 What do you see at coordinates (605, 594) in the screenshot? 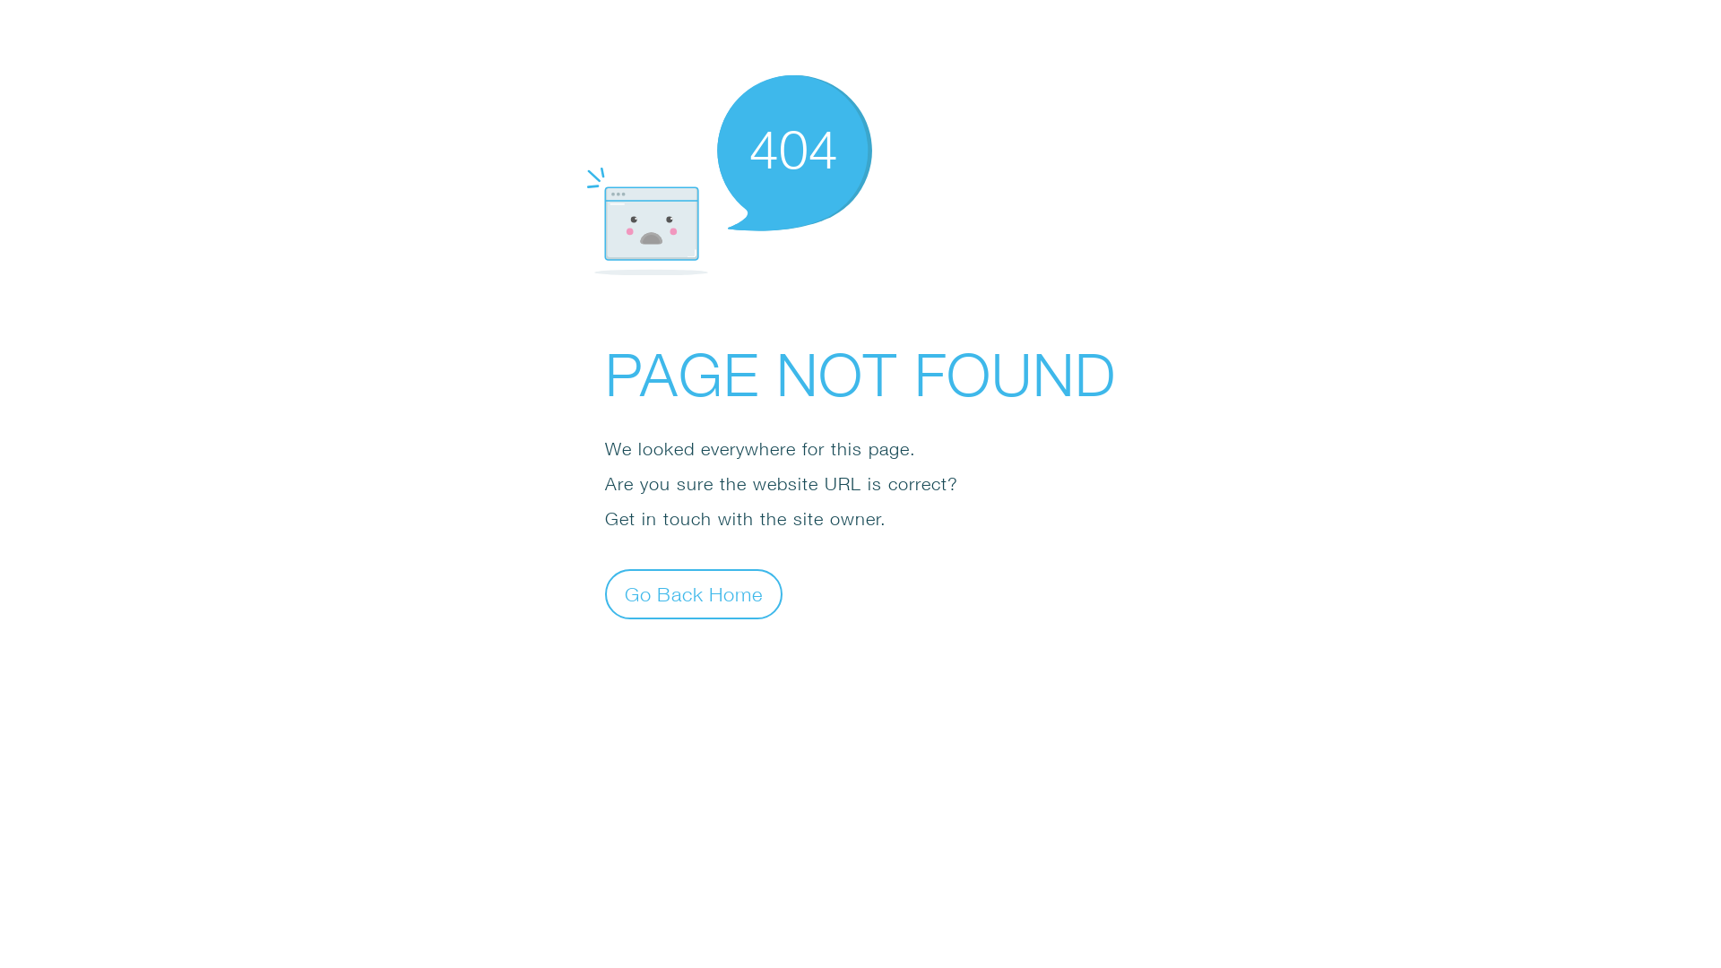
I see `'Go Back Home'` at bounding box center [605, 594].